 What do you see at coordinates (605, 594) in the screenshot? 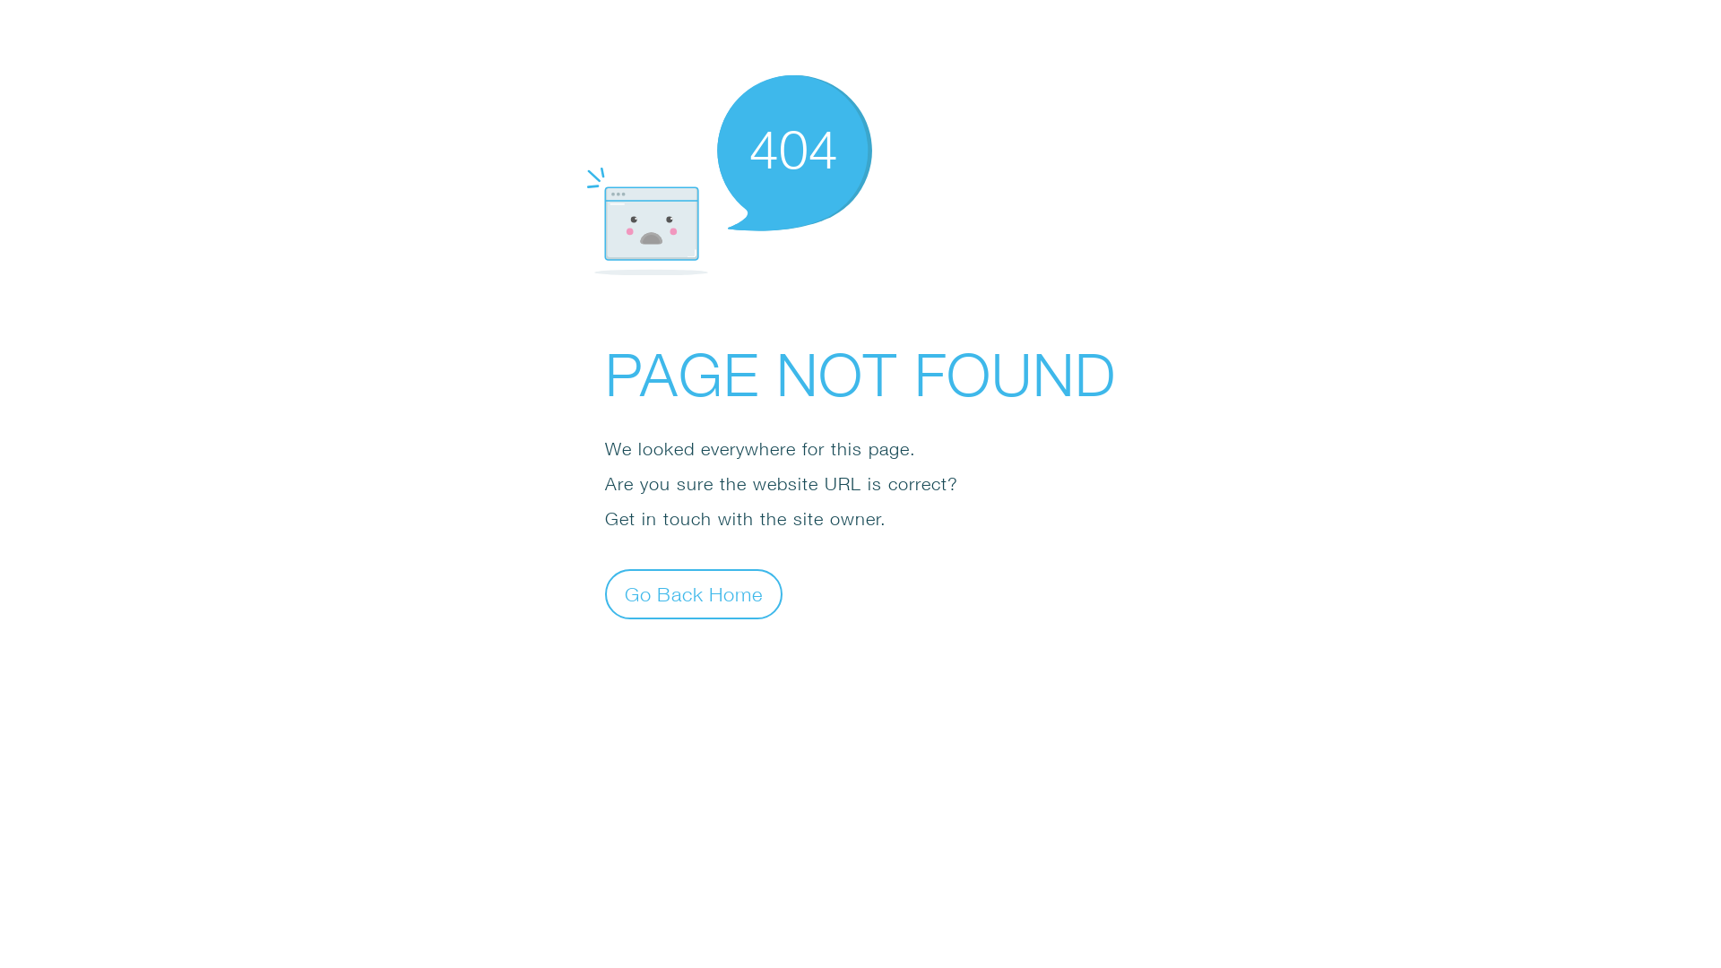
I see `'Go Back Home'` at bounding box center [605, 594].